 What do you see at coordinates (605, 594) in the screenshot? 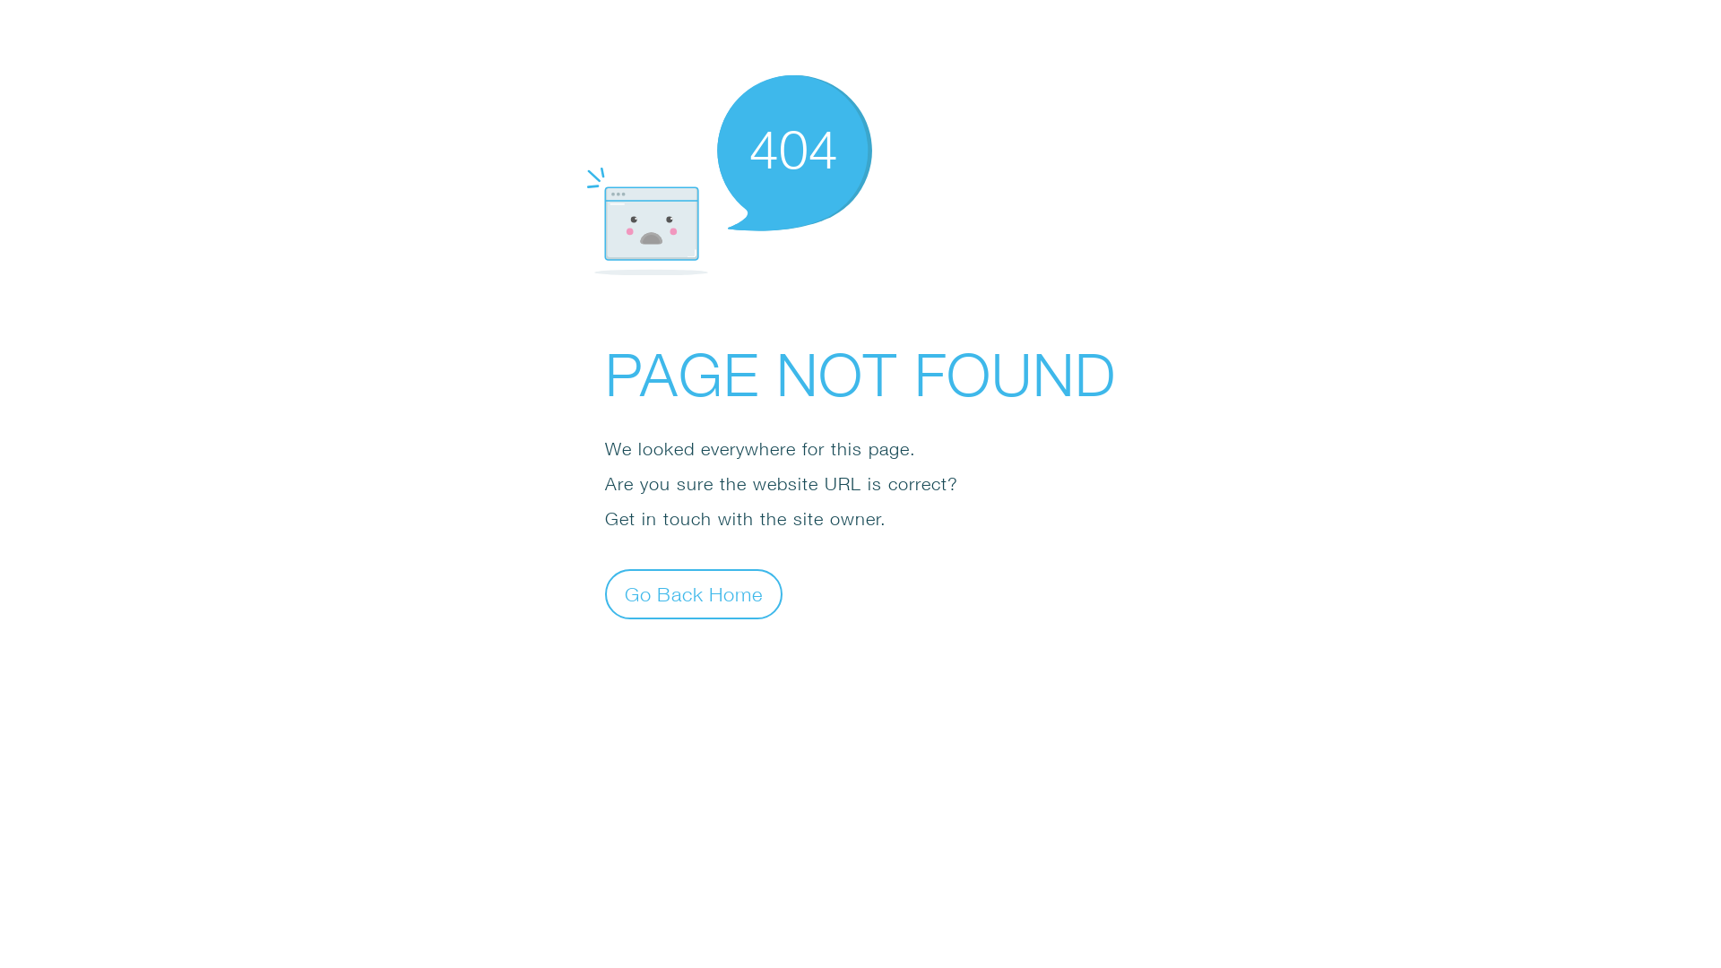
I see `'Go Back Home'` at bounding box center [605, 594].